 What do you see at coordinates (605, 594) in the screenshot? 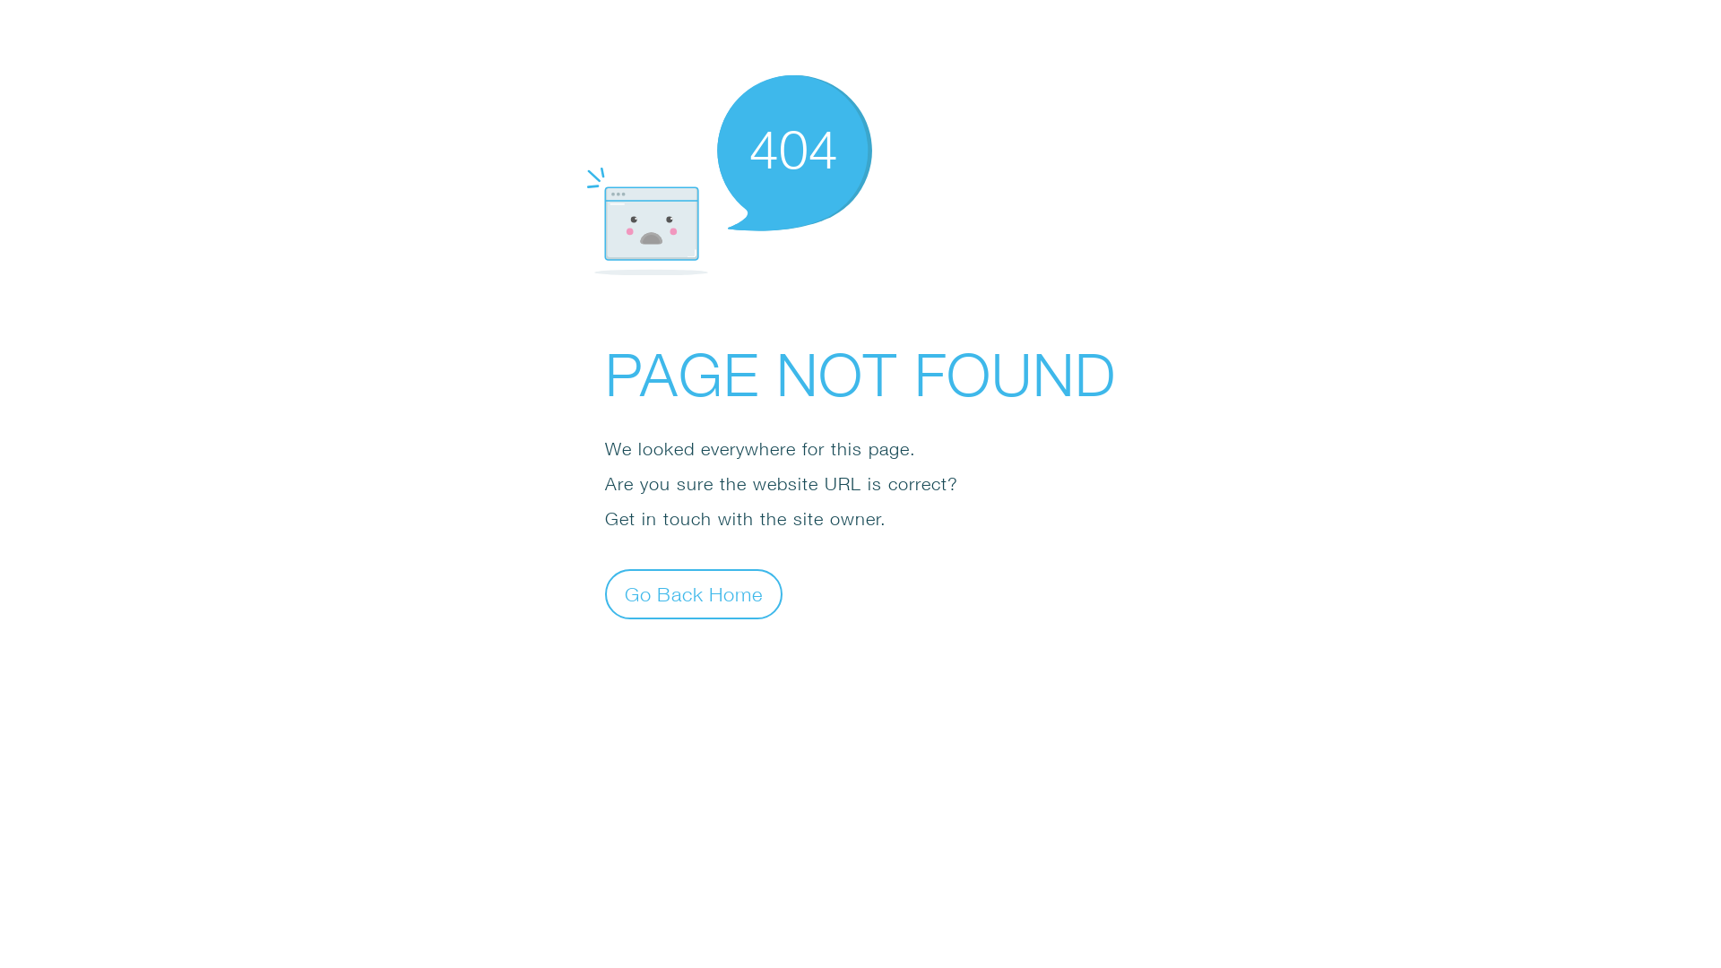
I see `'Go Back Home'` at bounding box center [605, 594].